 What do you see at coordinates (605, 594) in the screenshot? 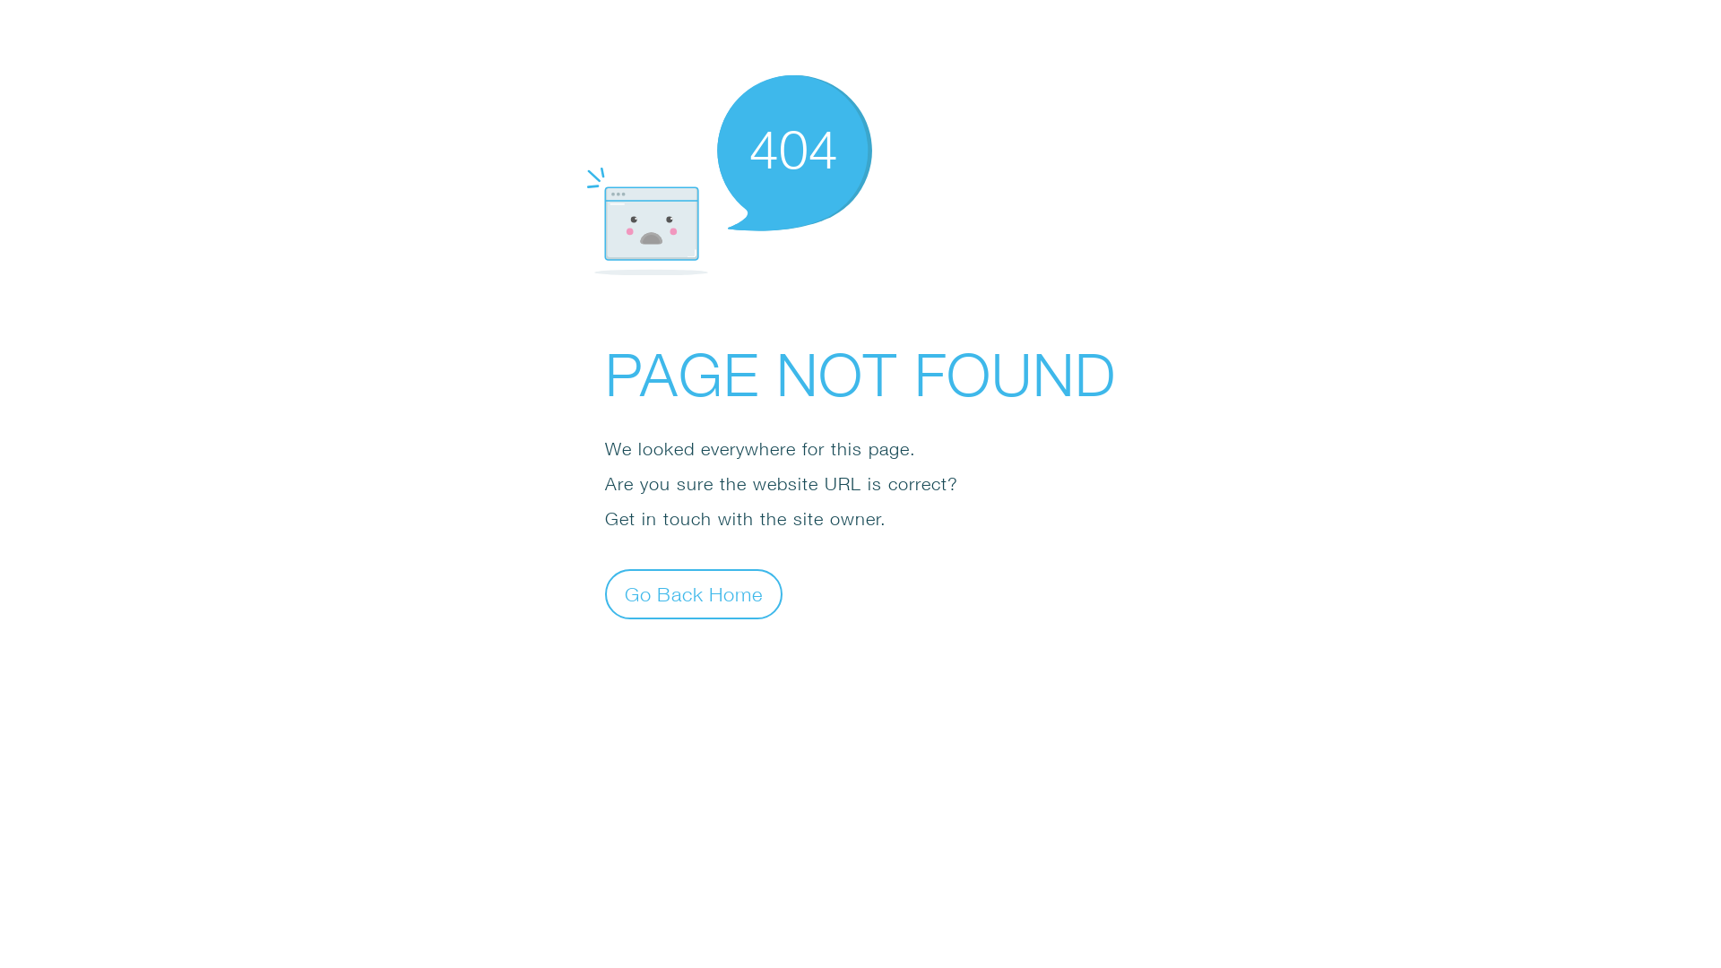
I see `'Go Back Home'` at bounding box center [605, 594].